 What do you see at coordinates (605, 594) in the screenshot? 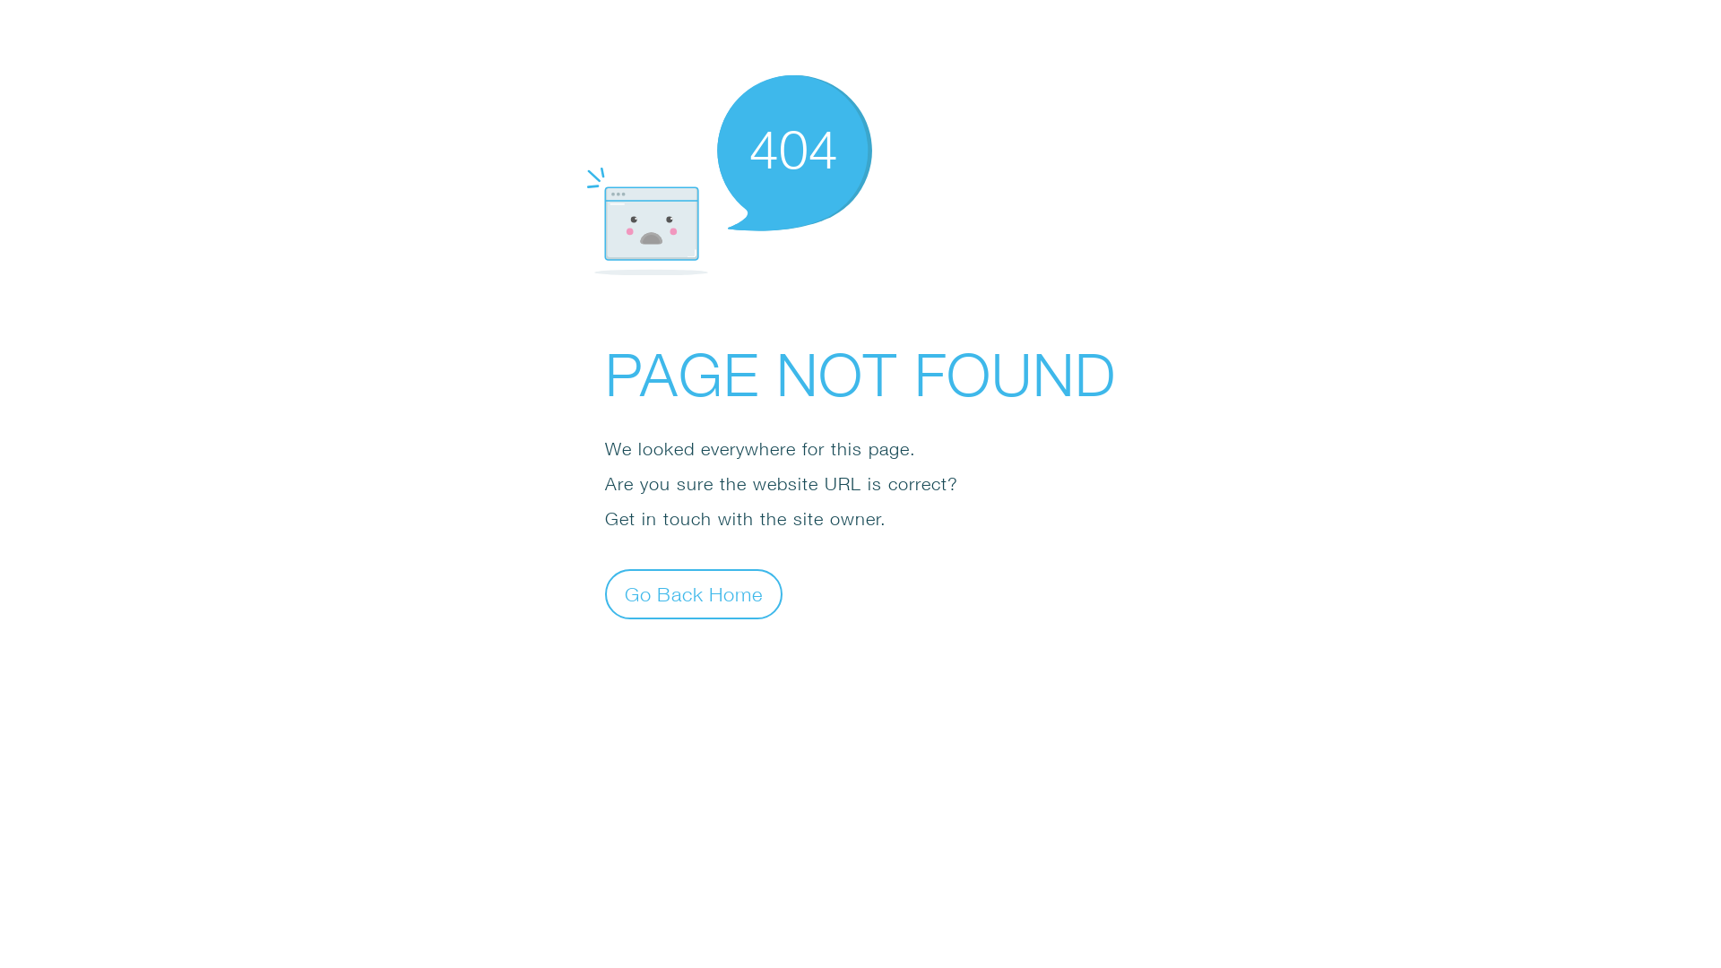
I see `'Go Back Home'` at bounding box center [605, 594].